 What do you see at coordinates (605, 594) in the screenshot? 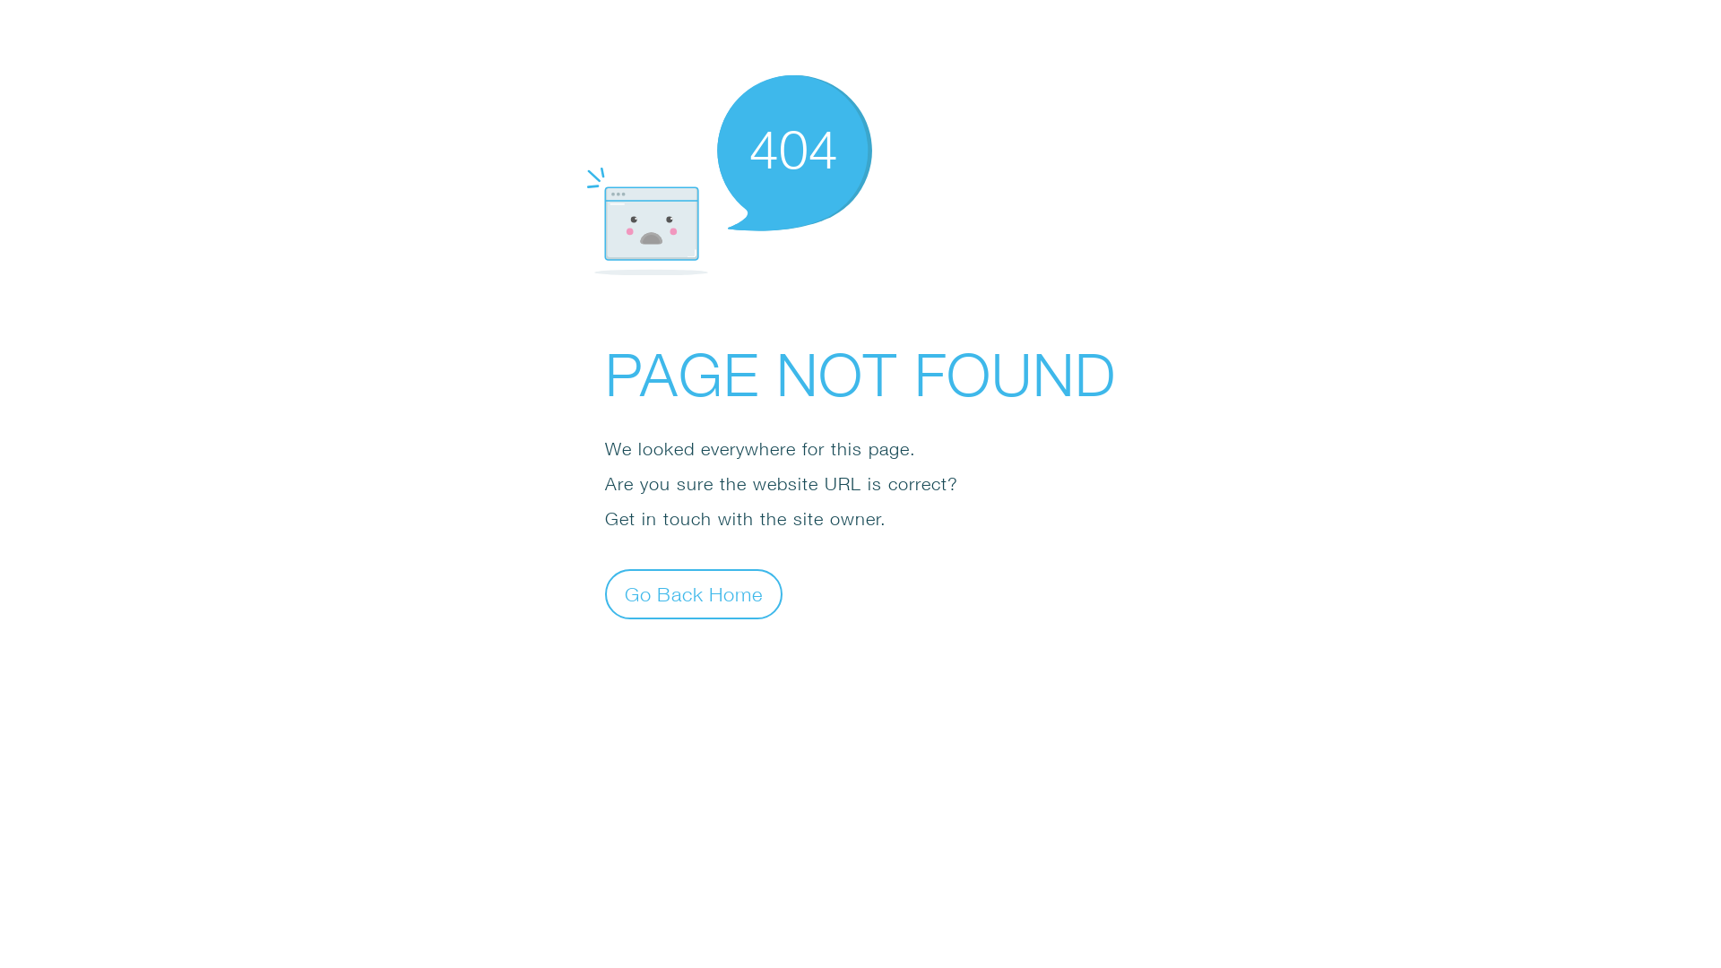
I see `'Go Back Home'` at bounding box center [605, 594].